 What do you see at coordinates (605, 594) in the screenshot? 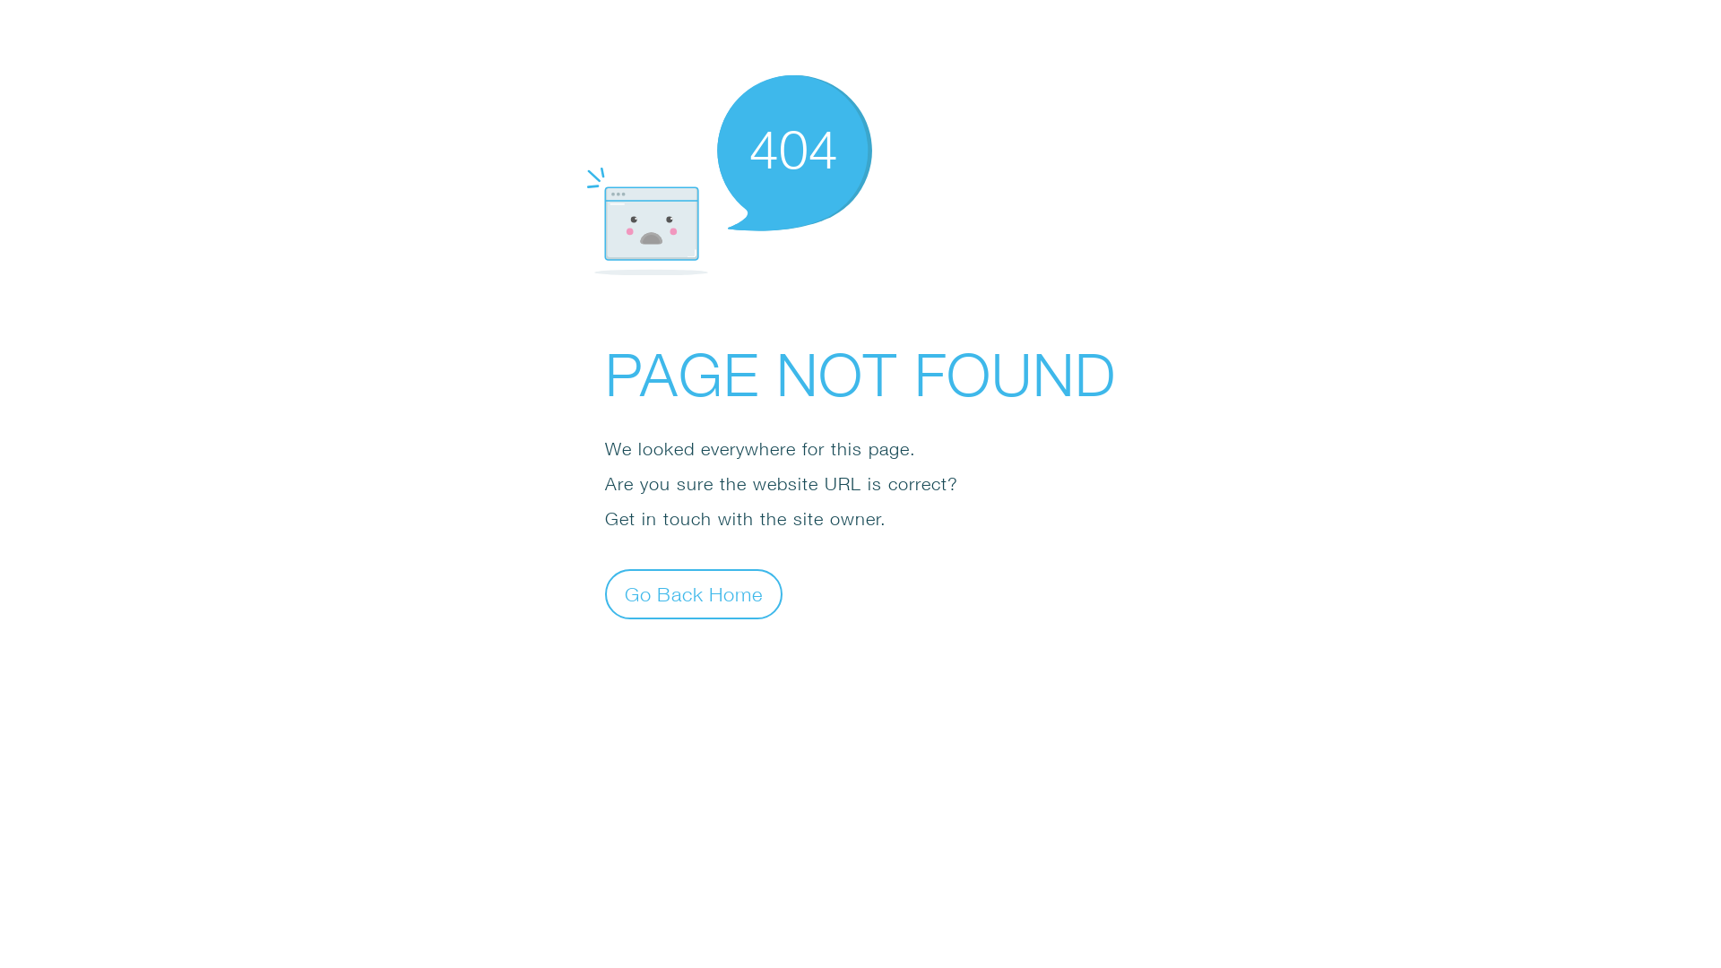
I see `'Go Back Home'` at bounding box center [605, 594].